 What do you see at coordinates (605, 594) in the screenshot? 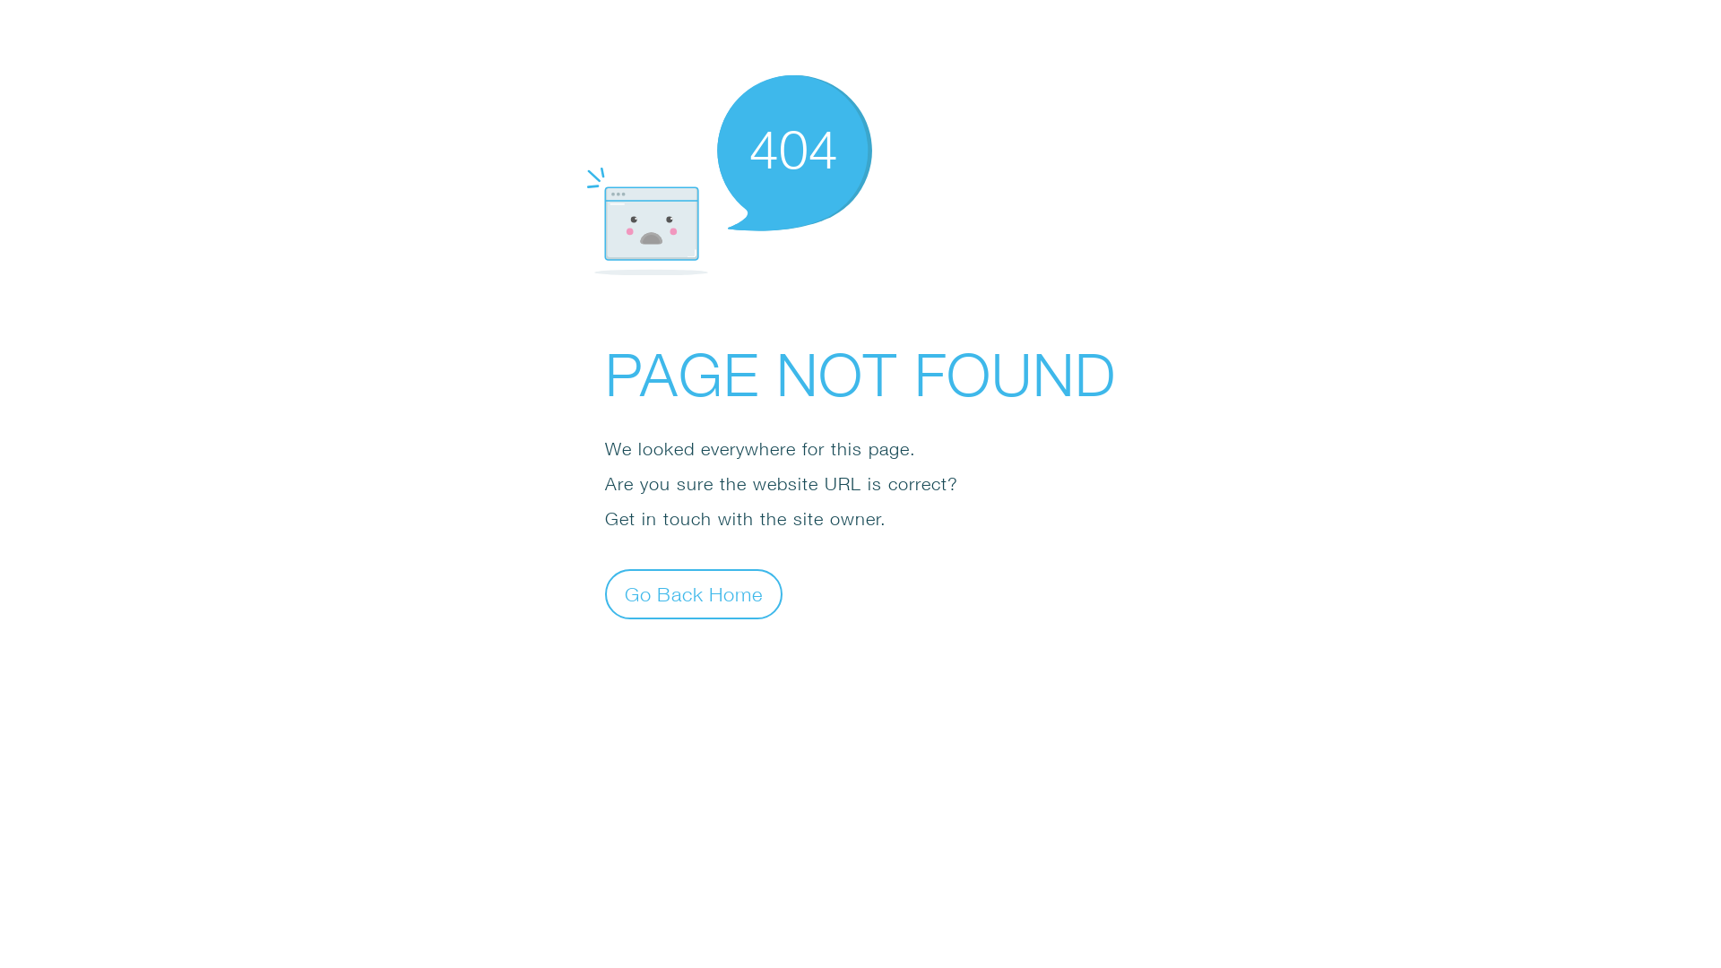
I see `'Go Back Home'` at bounding box center [605, 594].